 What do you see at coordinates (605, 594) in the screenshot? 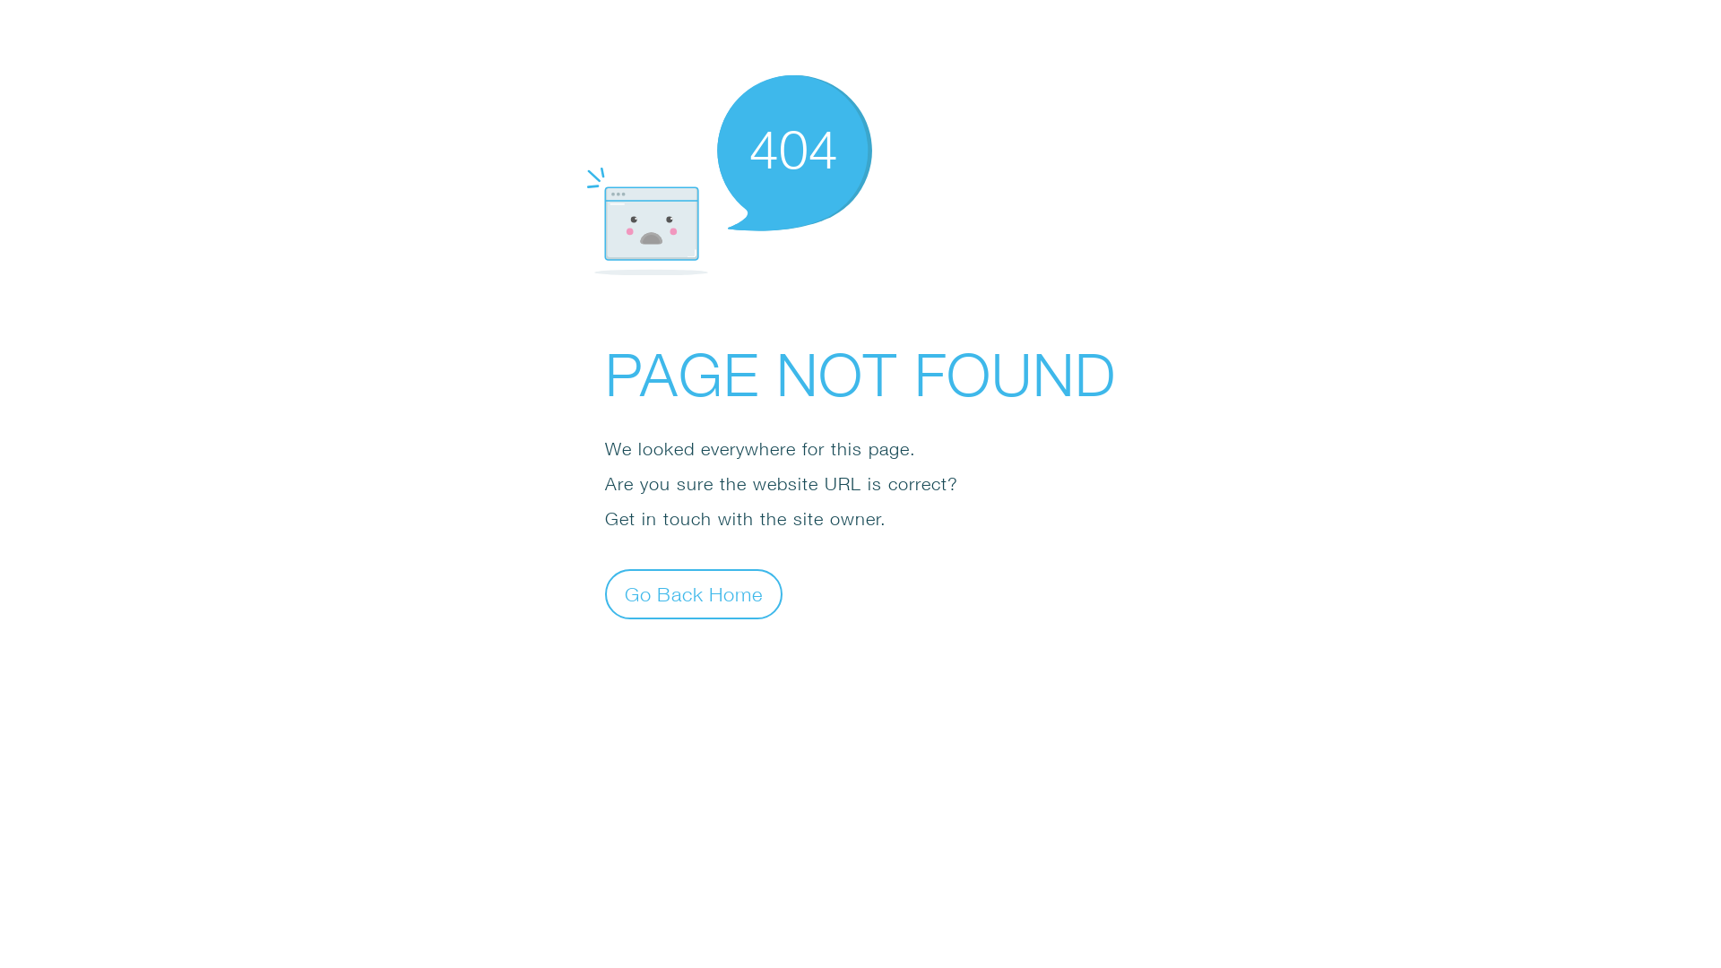
I see `'Go Back Home'` at bounding box center [605, 594].